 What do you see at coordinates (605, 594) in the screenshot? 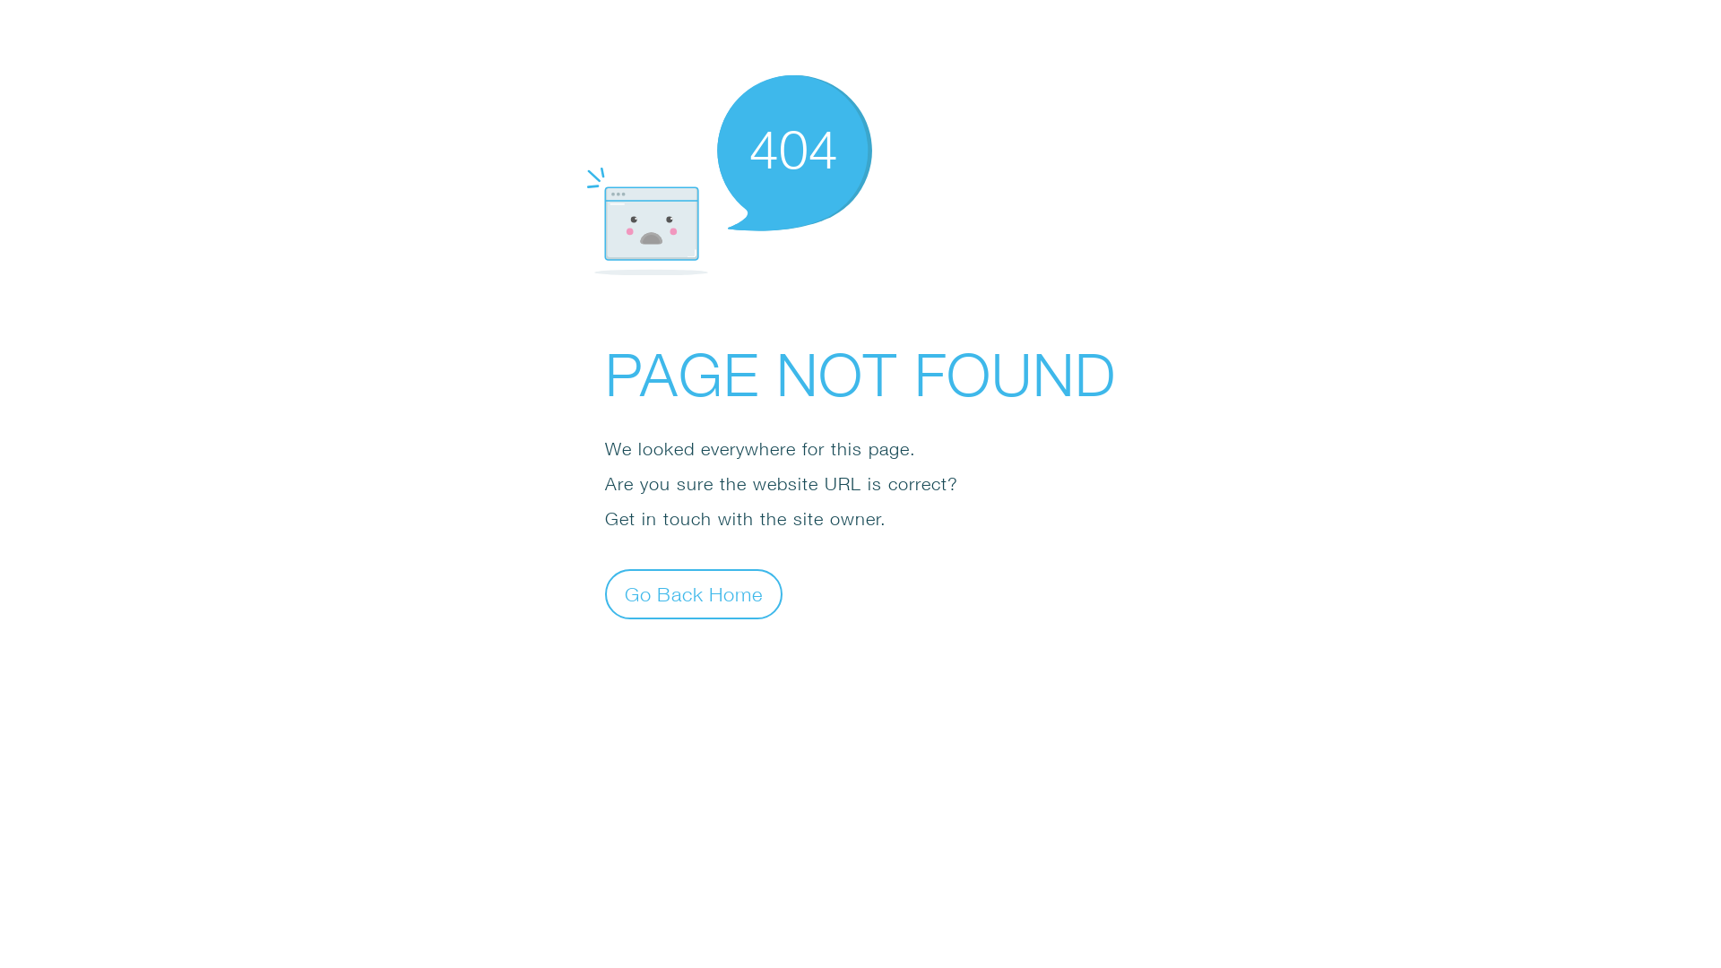
I see `'Go Back Home'` at bounding box center [605, 594].